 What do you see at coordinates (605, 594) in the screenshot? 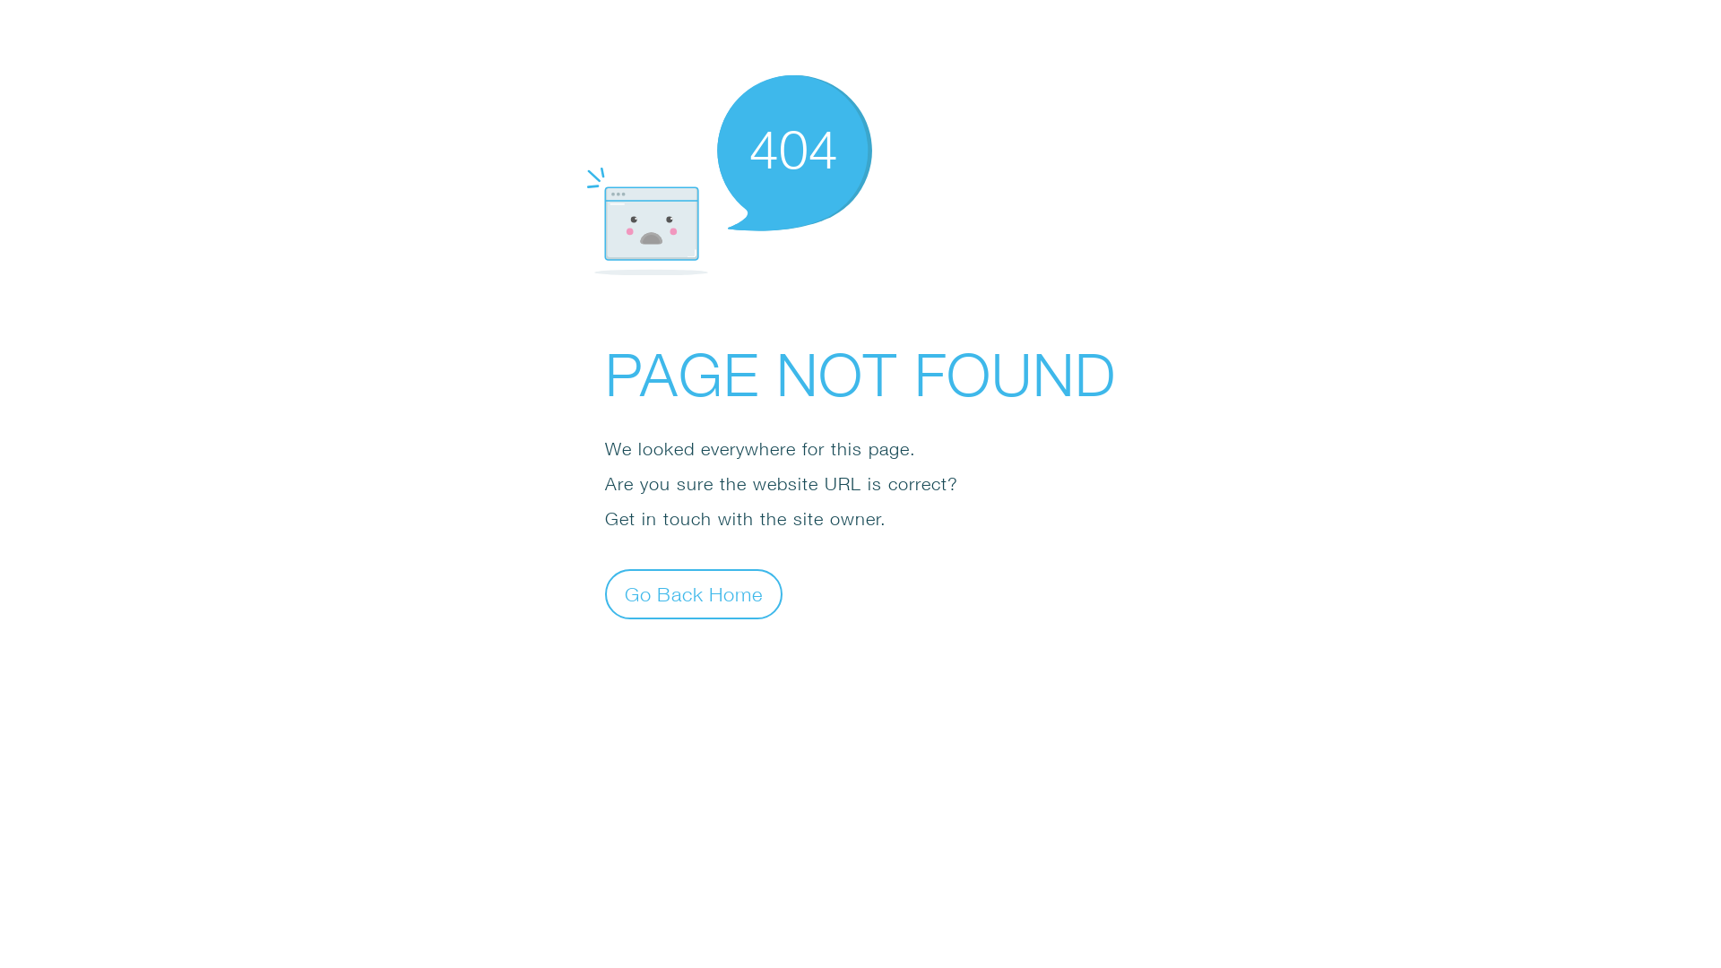
I see `'Go Back Home'` at bounding box center [605, 594].